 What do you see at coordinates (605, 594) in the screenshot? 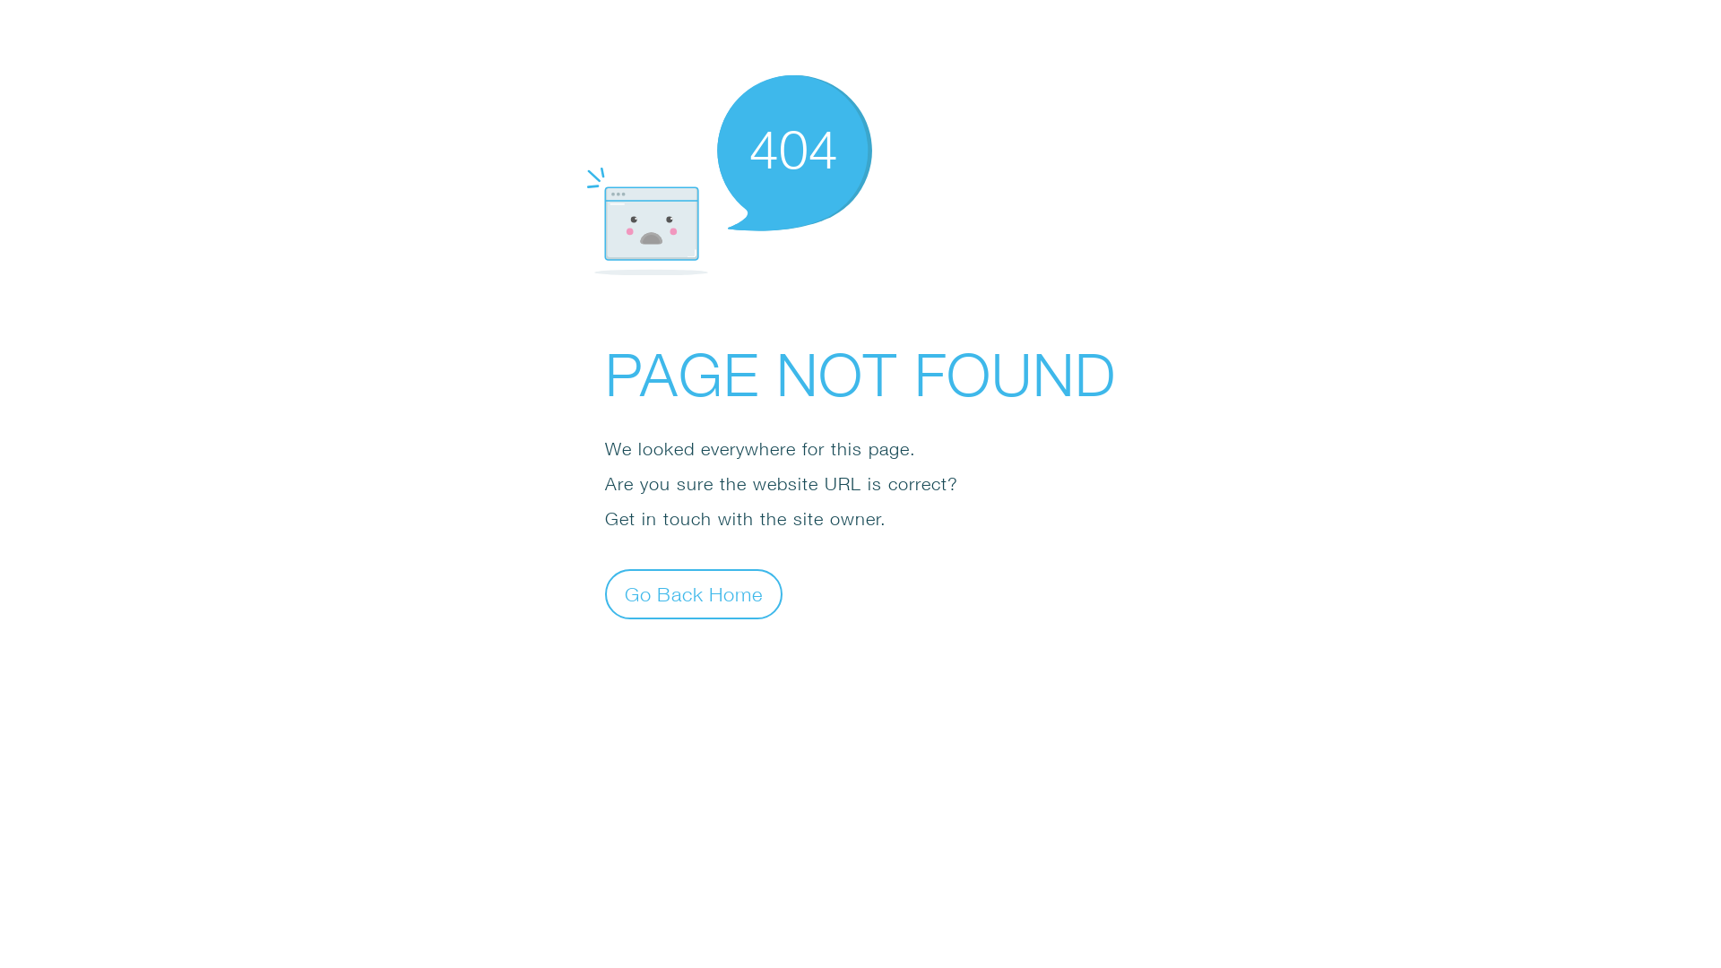
I see `'Go Back Home'` at bounding box center [605, 594].